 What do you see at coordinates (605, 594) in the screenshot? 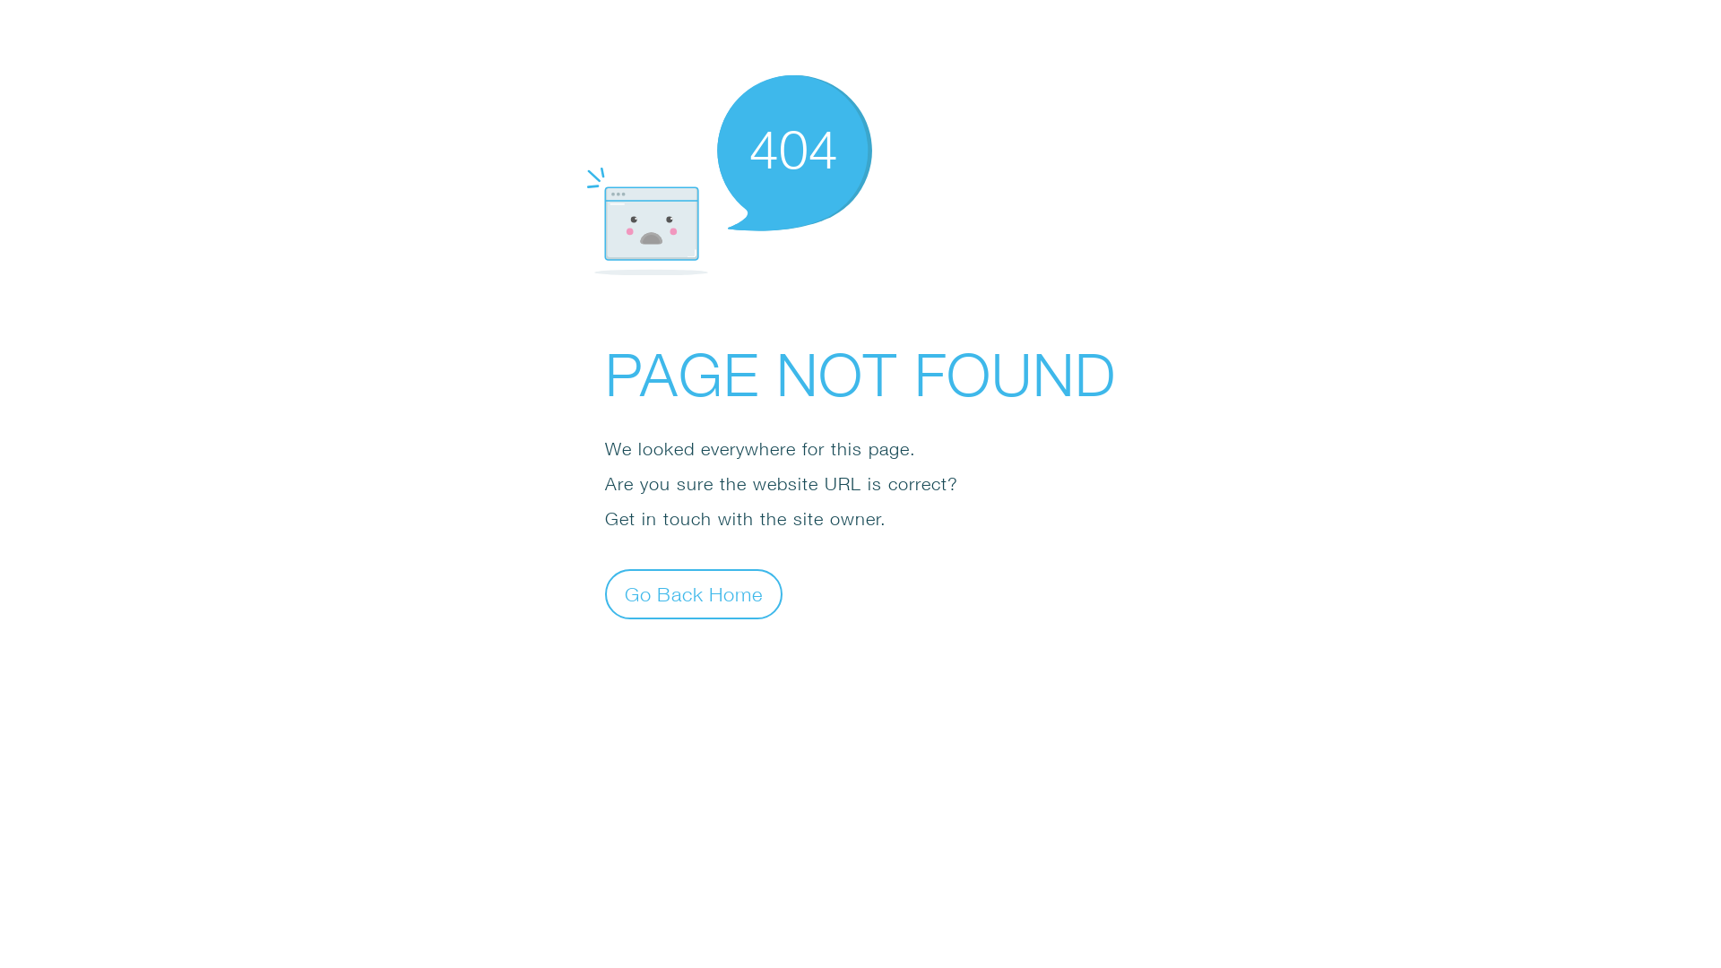
I see `'Go Back Home'` at bounding box center [605, 594].